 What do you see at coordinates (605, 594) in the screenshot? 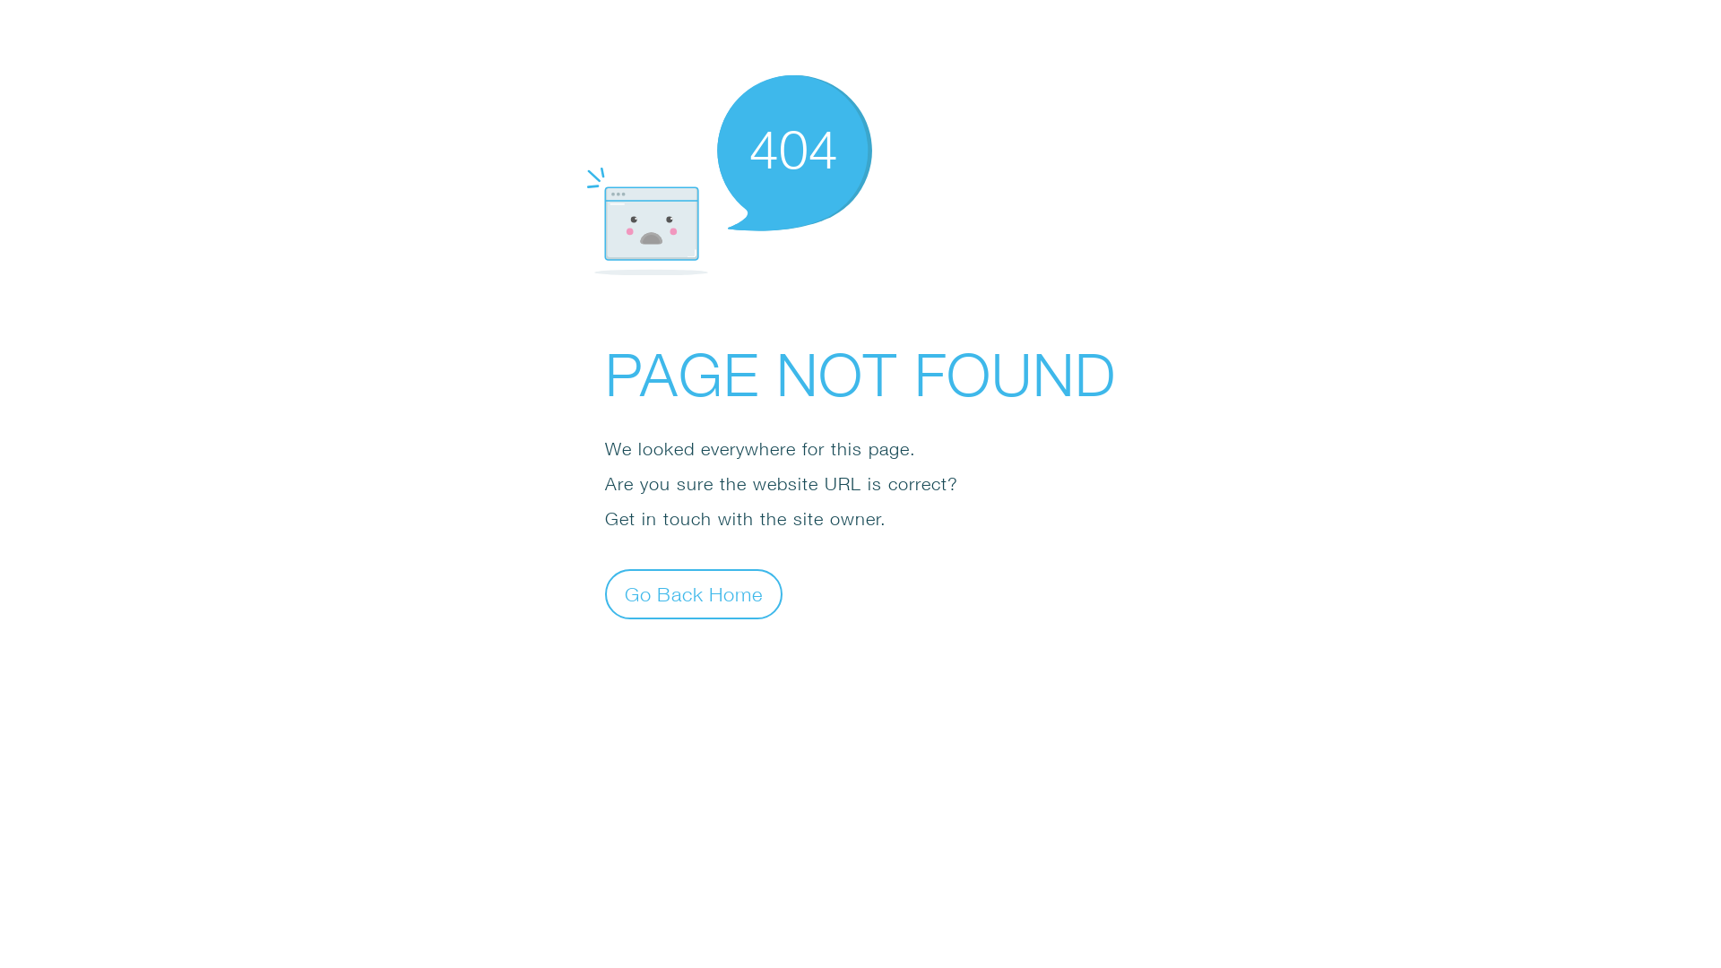
I see `'Go Back Home'` at bounding box center [605, 594].